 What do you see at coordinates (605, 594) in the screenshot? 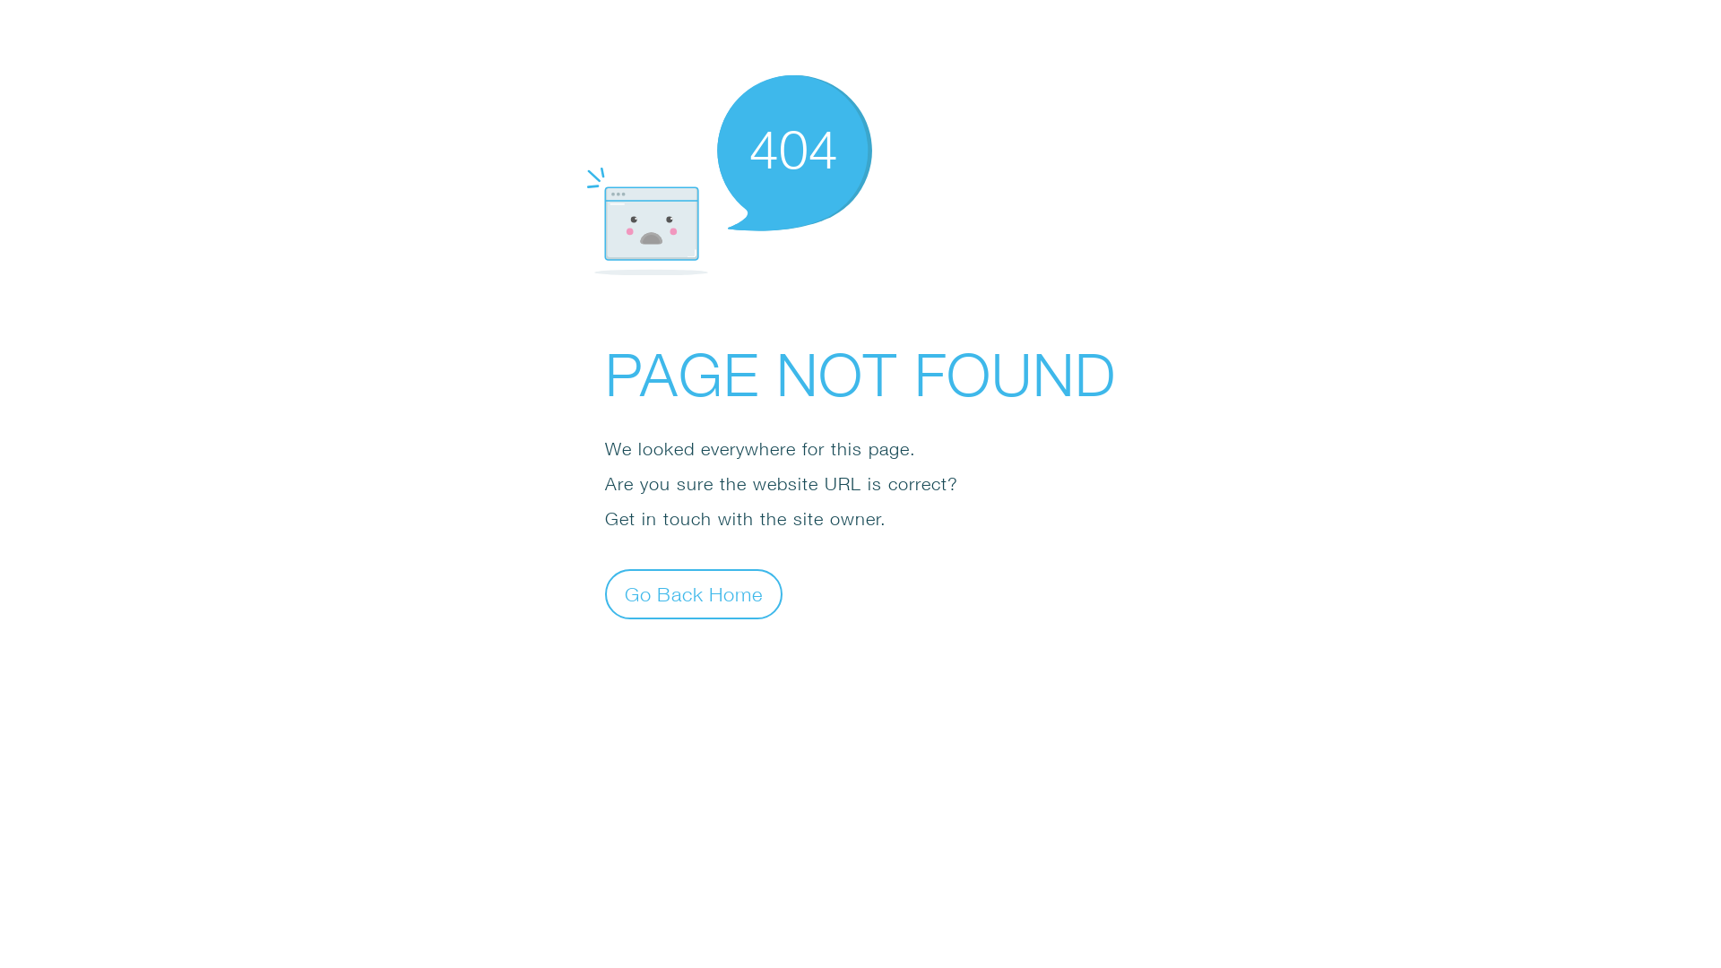
I see `'Go Back Home'` at bounding box center [605, 594].